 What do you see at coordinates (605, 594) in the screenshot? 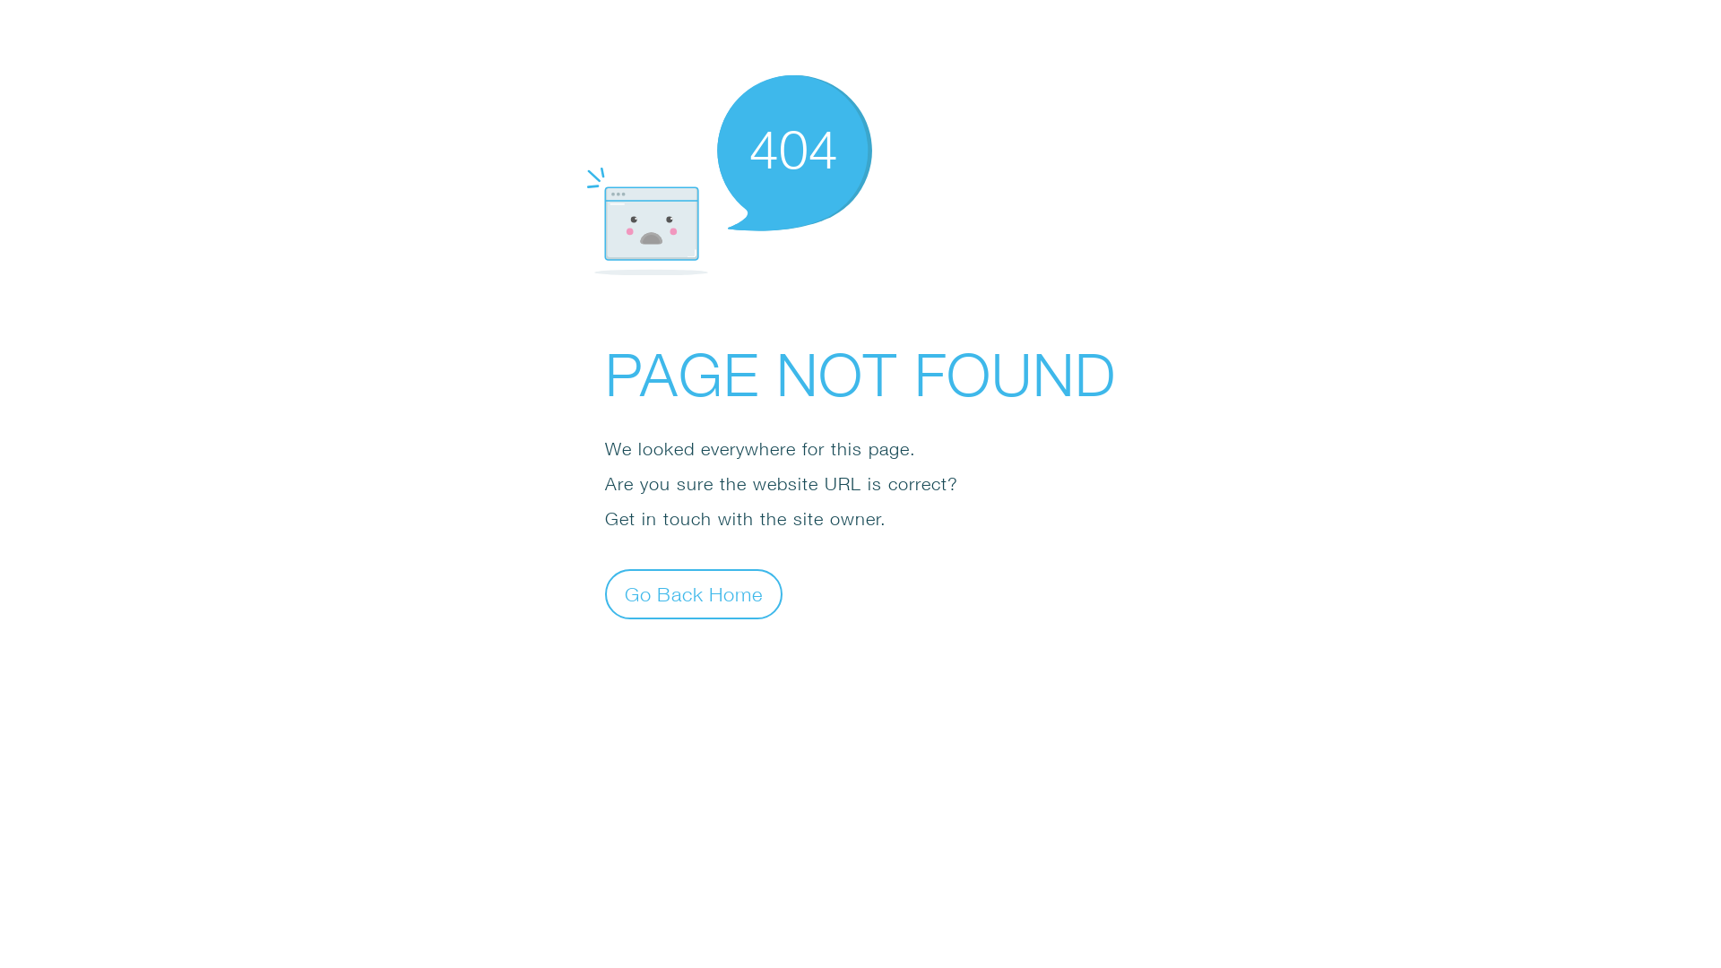
I see `'Go Back Home'` at bounding box center [605, 594].